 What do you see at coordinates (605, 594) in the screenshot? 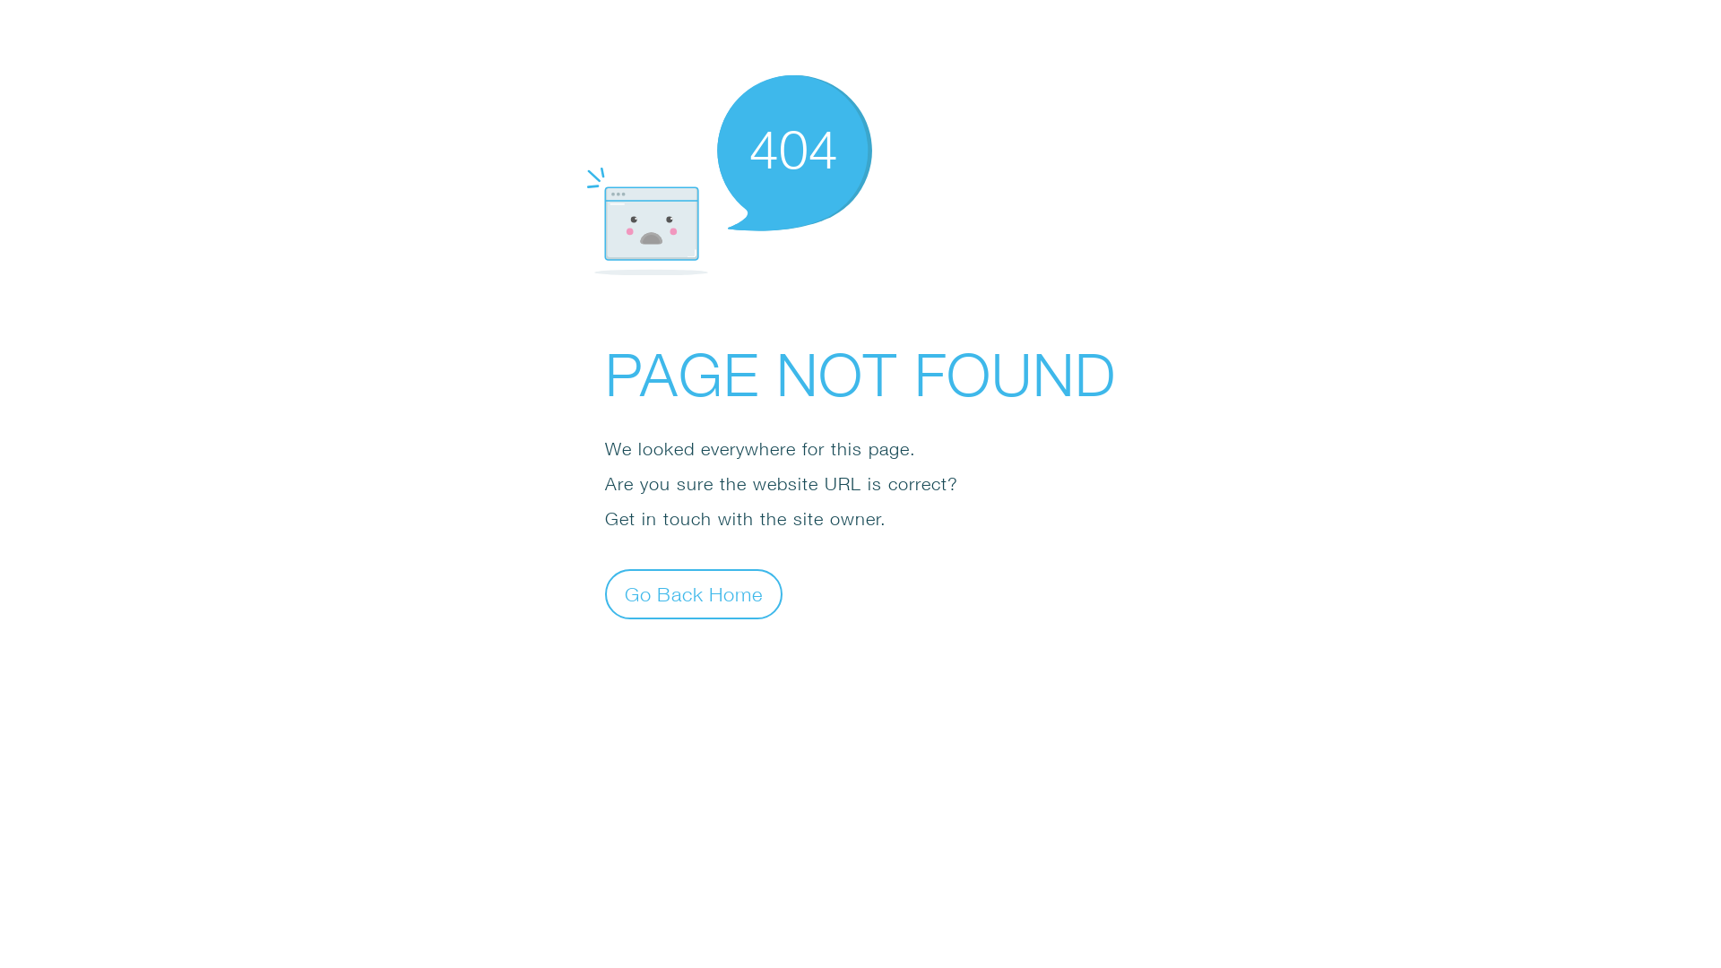
I see `'Go Back Home'` at bounding box center [605, 594].